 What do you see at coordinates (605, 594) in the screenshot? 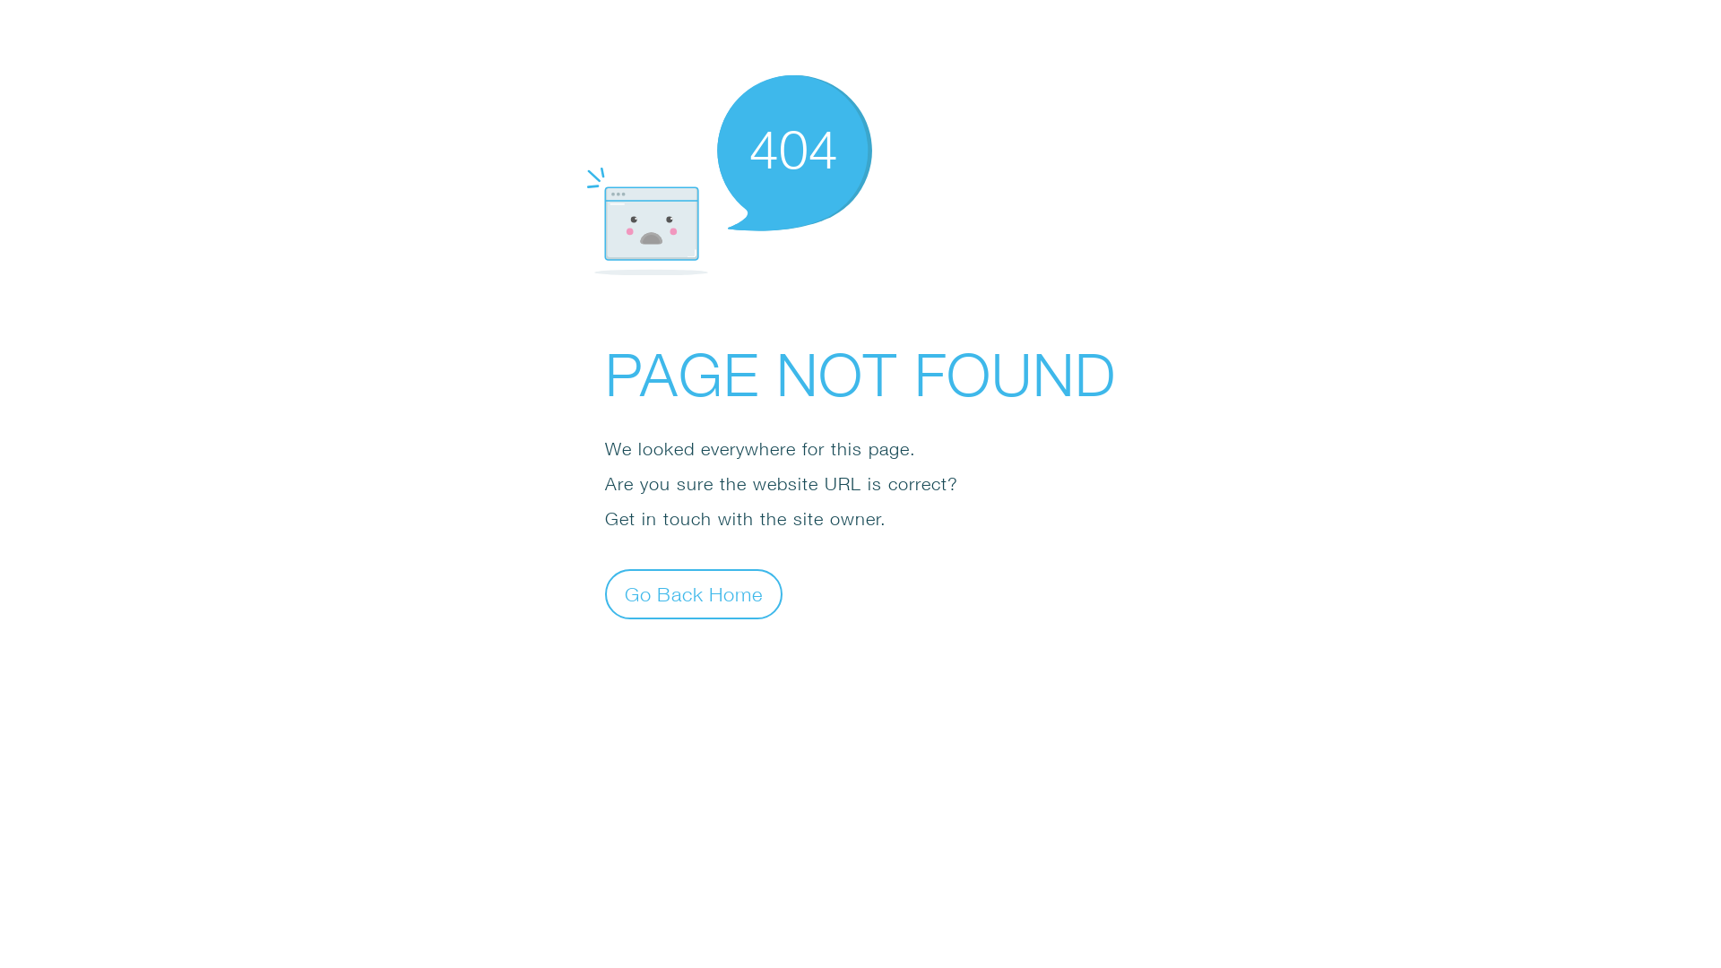
I see `'Go Back Home'` at bounding box center [605, 594].